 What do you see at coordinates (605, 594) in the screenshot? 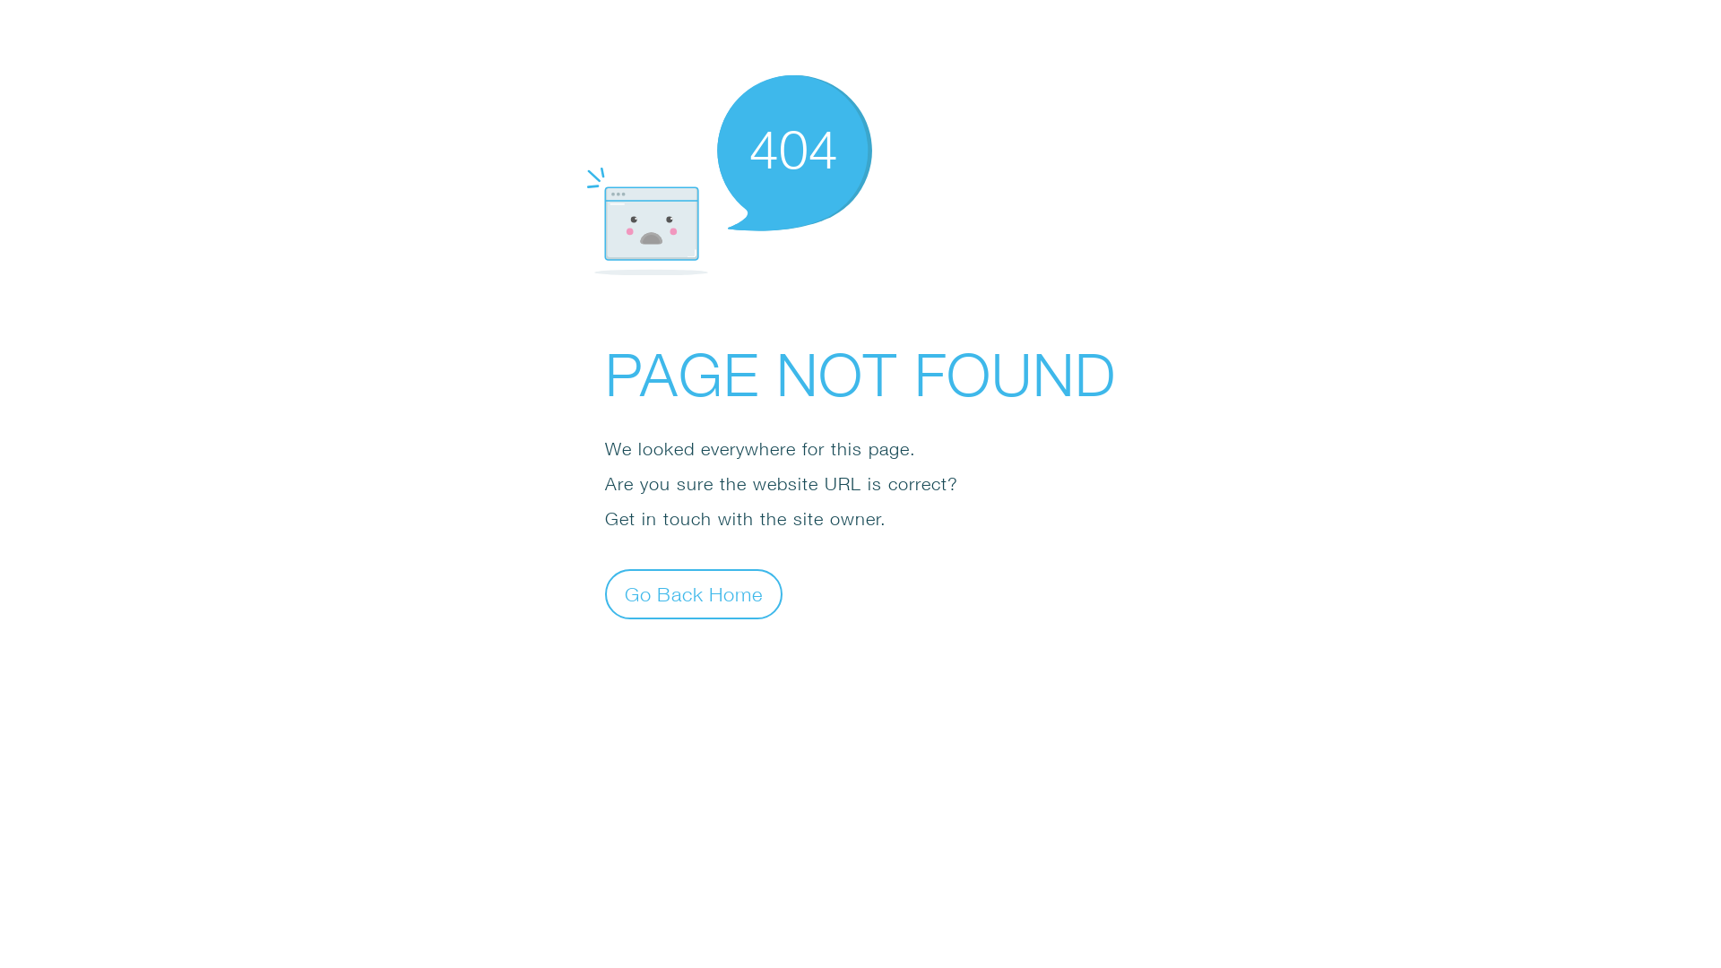
I see `'Go Back Home'` at bounding box center [605, 594].